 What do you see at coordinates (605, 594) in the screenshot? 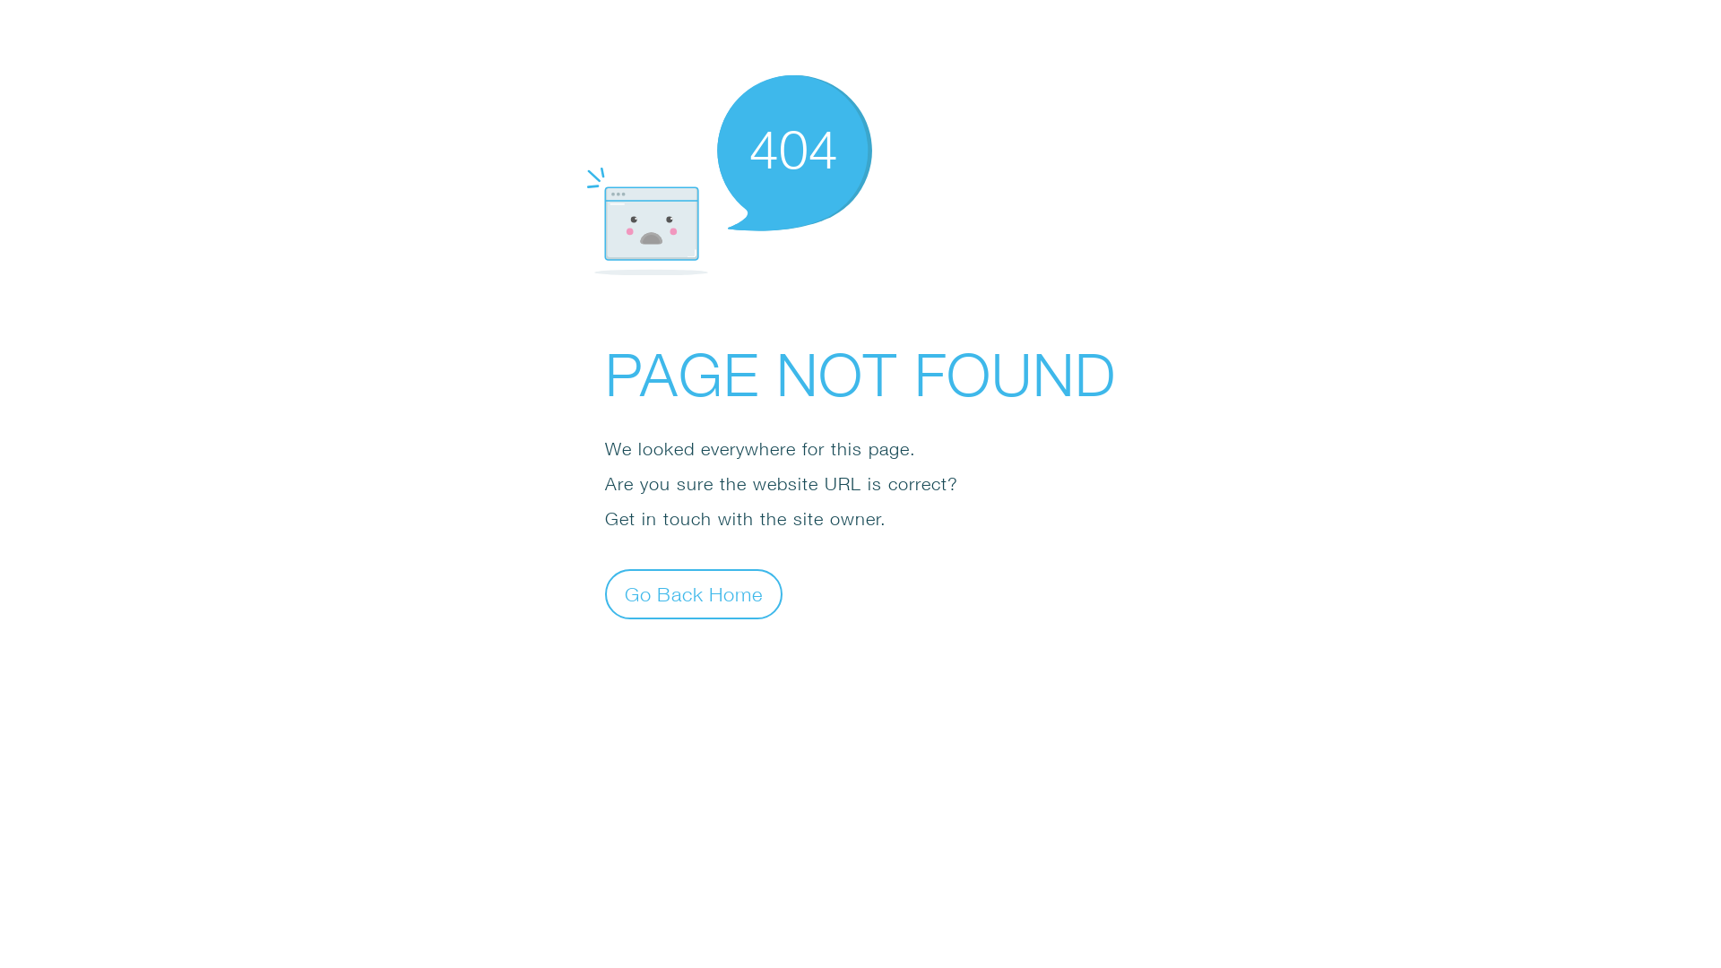
I see `'Go Back Home'` at bounding box center [605, 594].